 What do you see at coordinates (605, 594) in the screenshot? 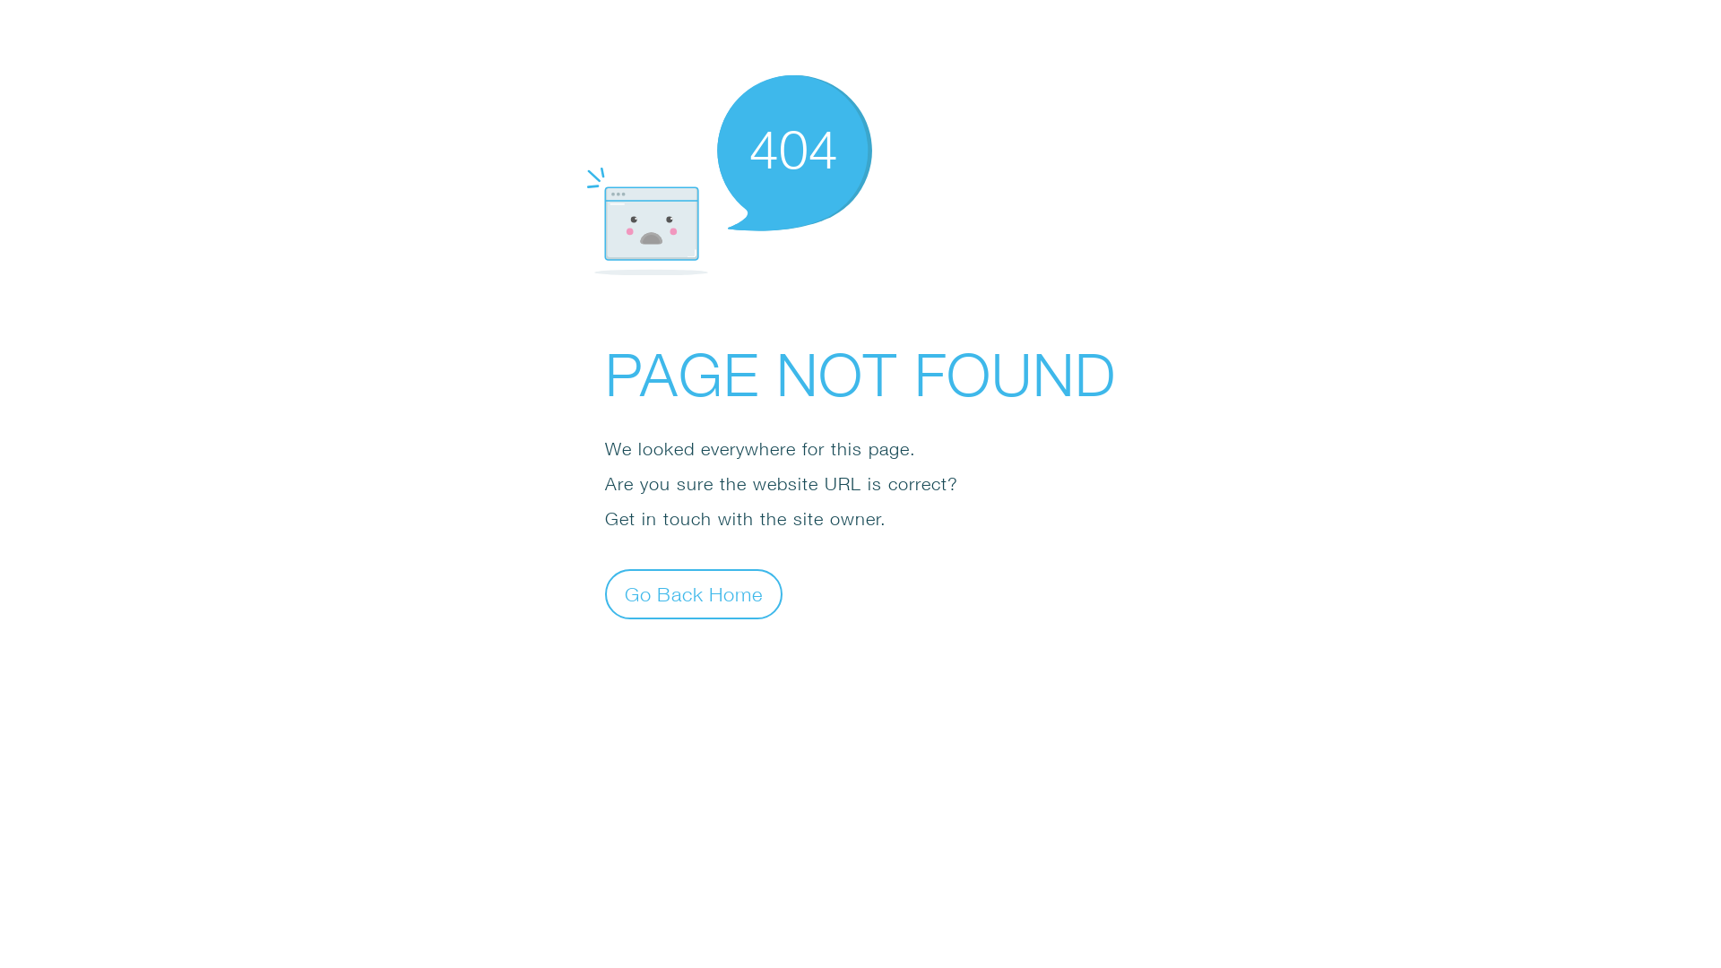
I see `'Go Back Home'` at bounding box center [605, 594].